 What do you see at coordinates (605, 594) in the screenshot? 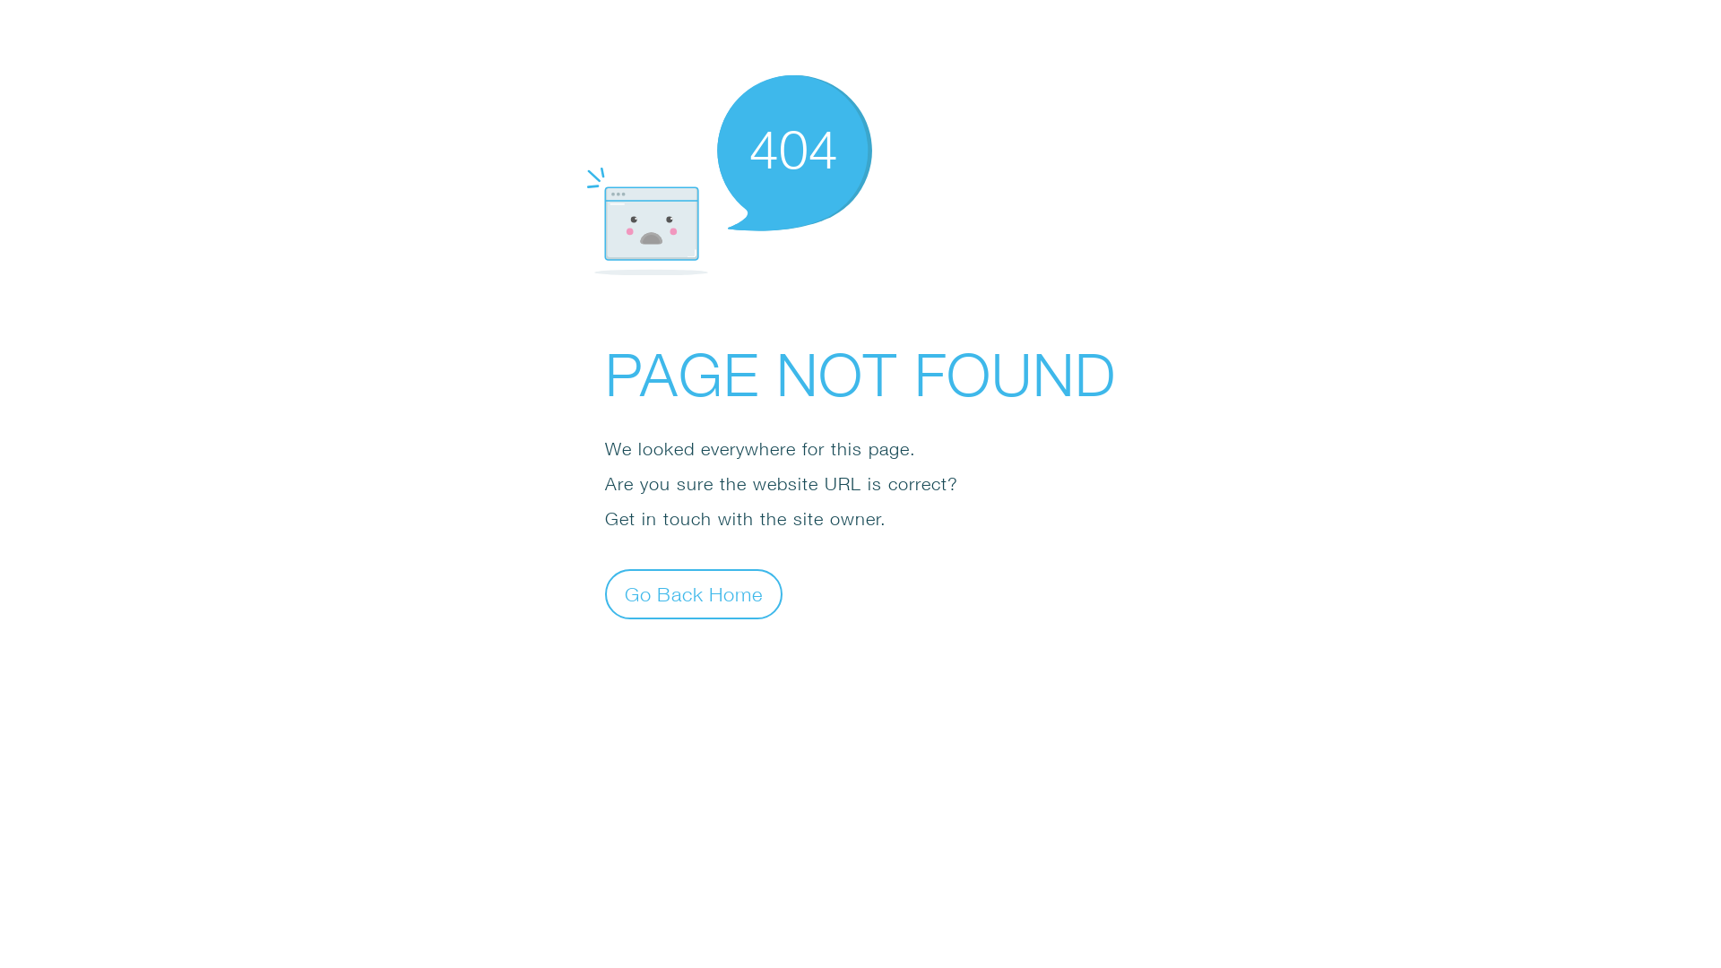
I see `'Go Back Home'` at bounding box center [605, 594].